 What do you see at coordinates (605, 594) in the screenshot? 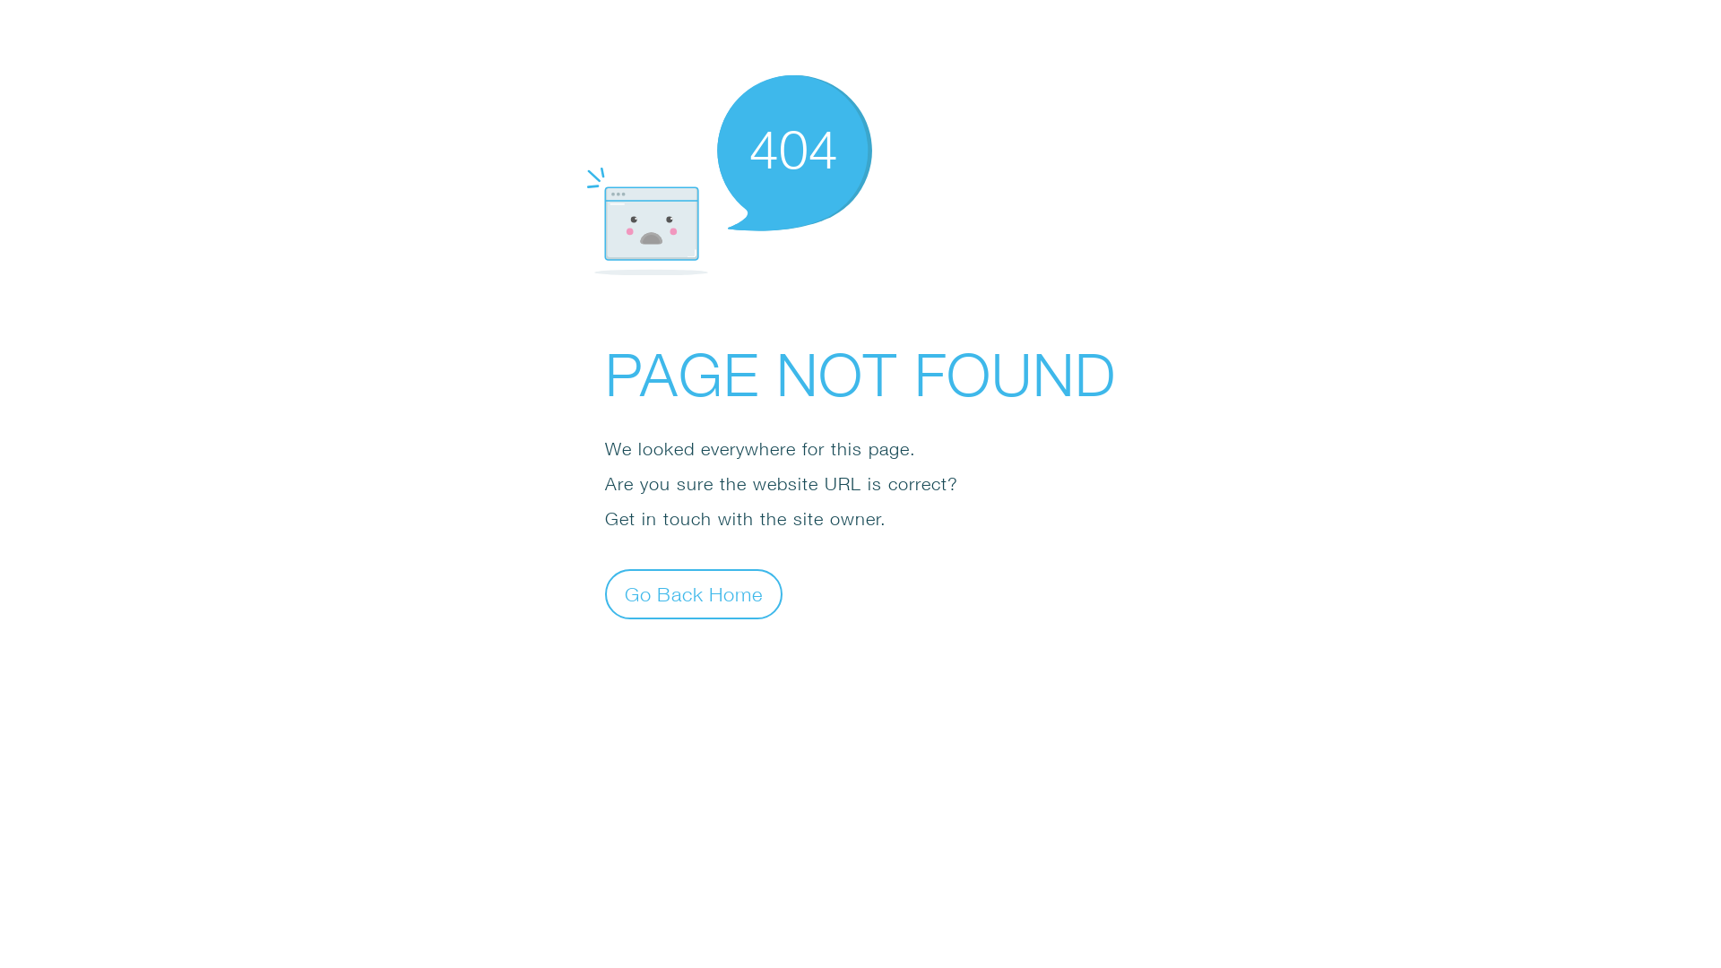
I see `'Go Back Home'` at bounding box center [605, 594].